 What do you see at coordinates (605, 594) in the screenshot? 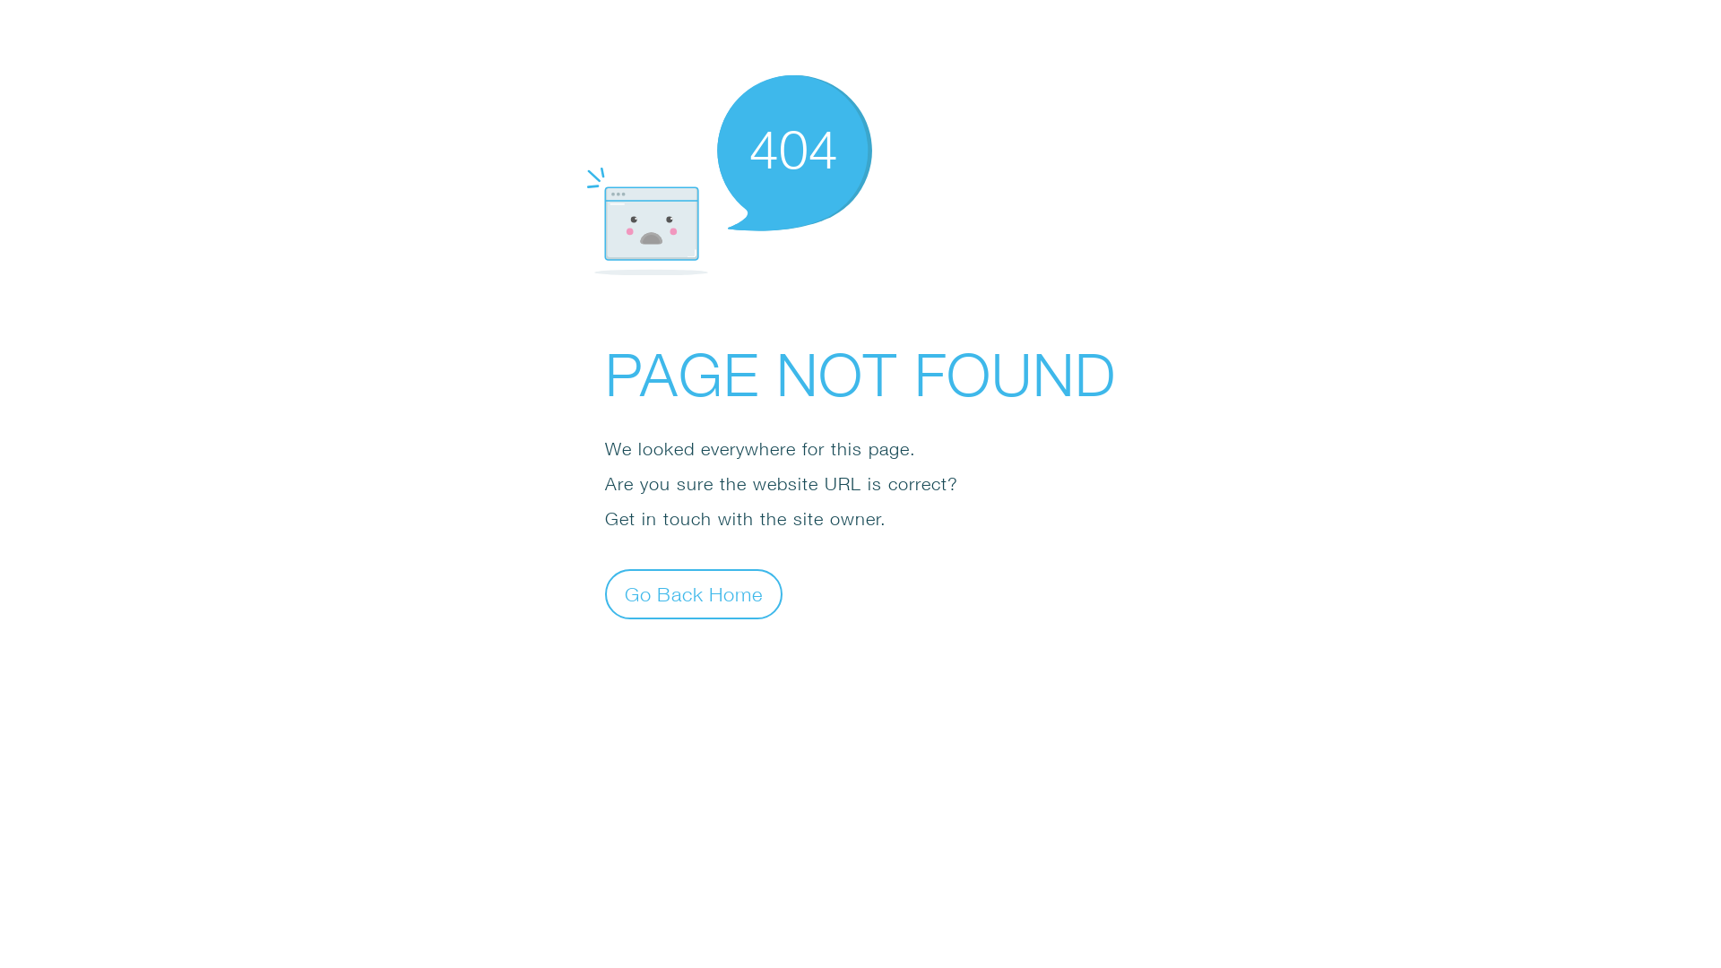
I see `'Go Back Home'` at bounding box center [605, 594].